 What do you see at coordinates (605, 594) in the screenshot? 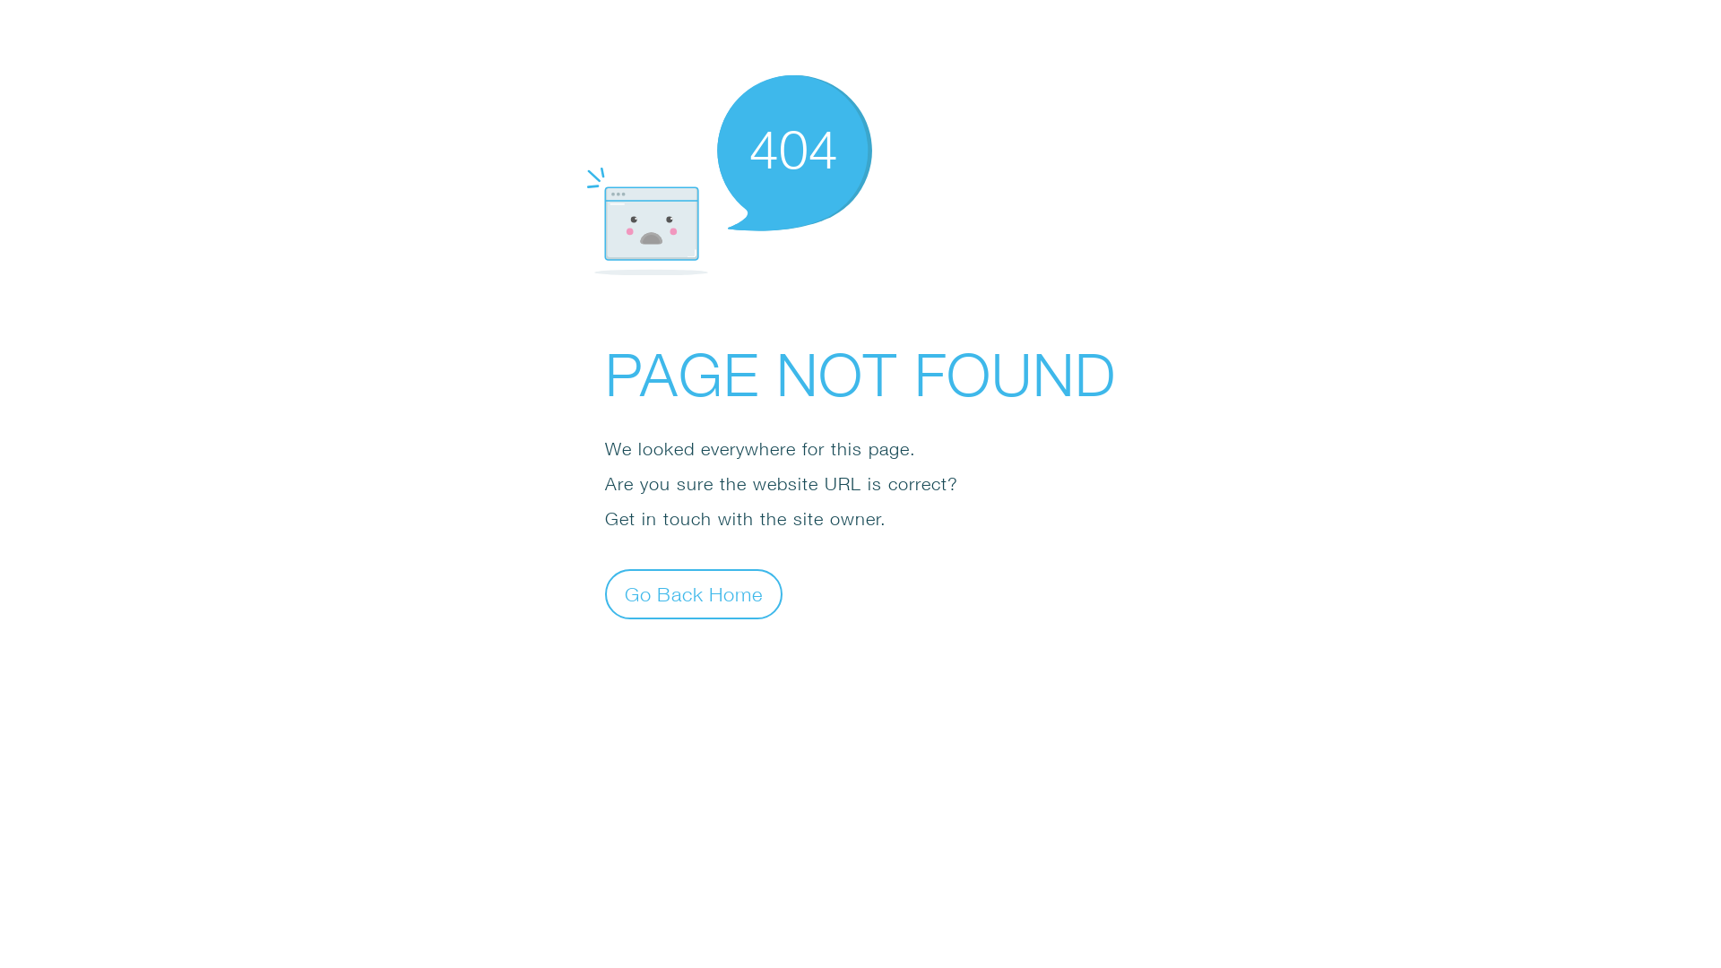
I see `'Go Back Home'` at bounding box center [605, 594].